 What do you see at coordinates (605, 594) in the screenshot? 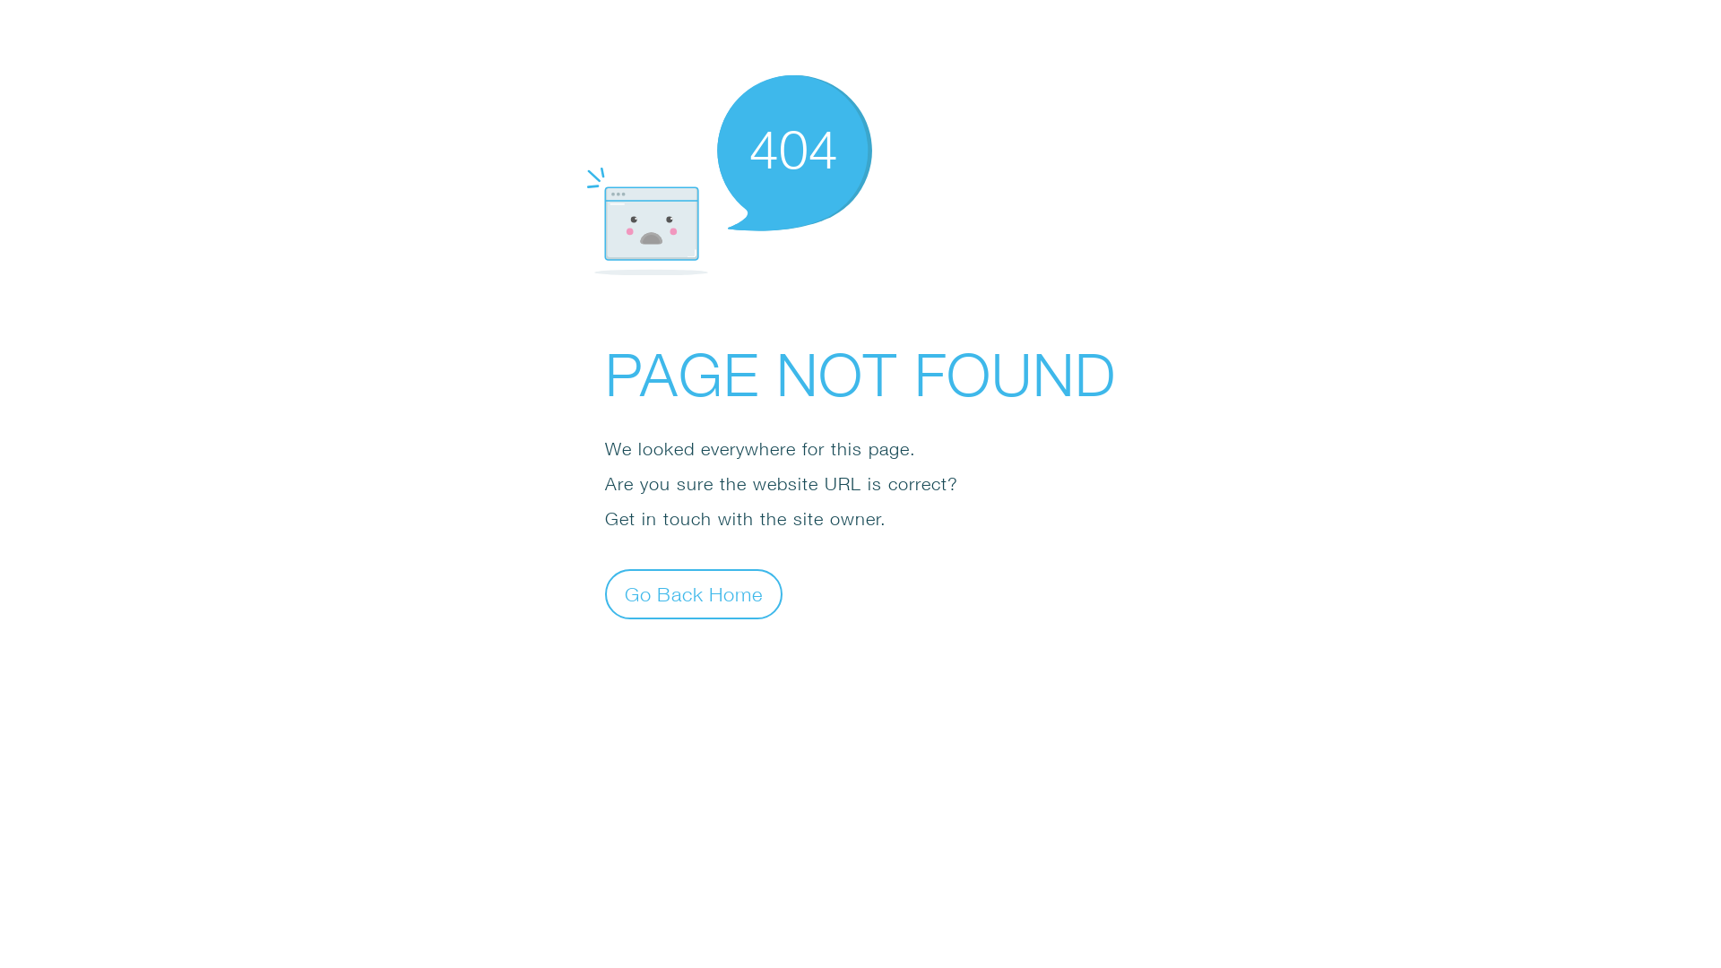
I see `'Go Back Home'` at bounding box center [605, 594].